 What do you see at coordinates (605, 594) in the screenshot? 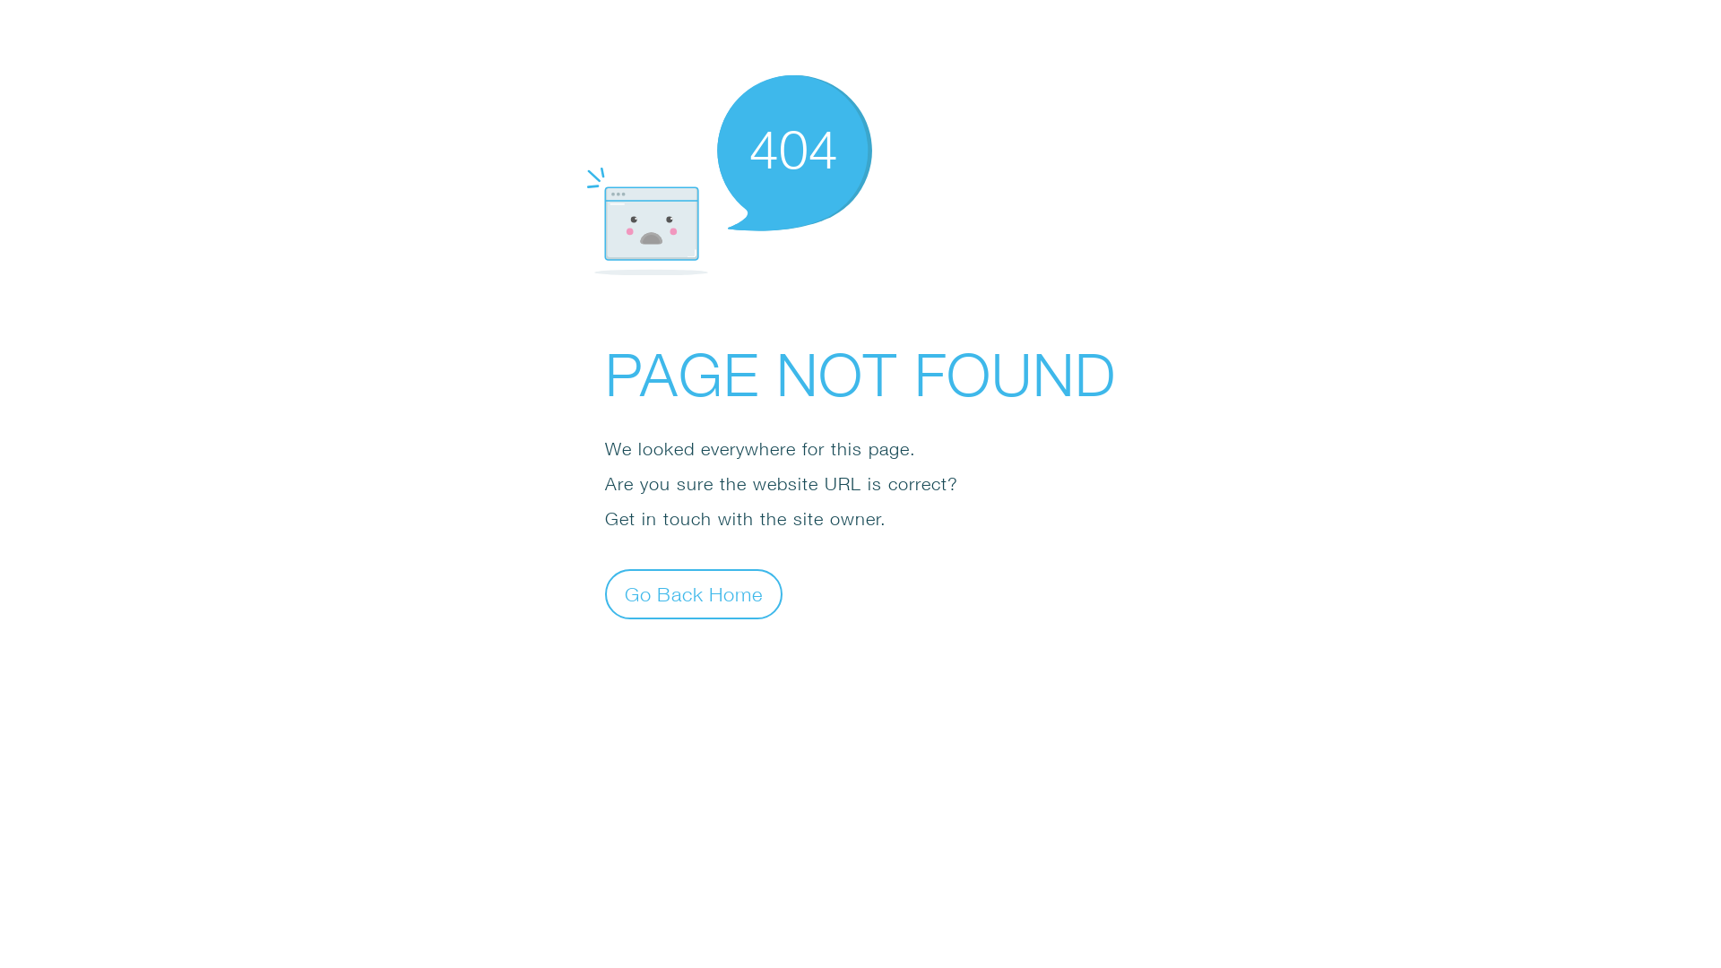
I see `'Go Back Home'` at bounding box center [605, 594].